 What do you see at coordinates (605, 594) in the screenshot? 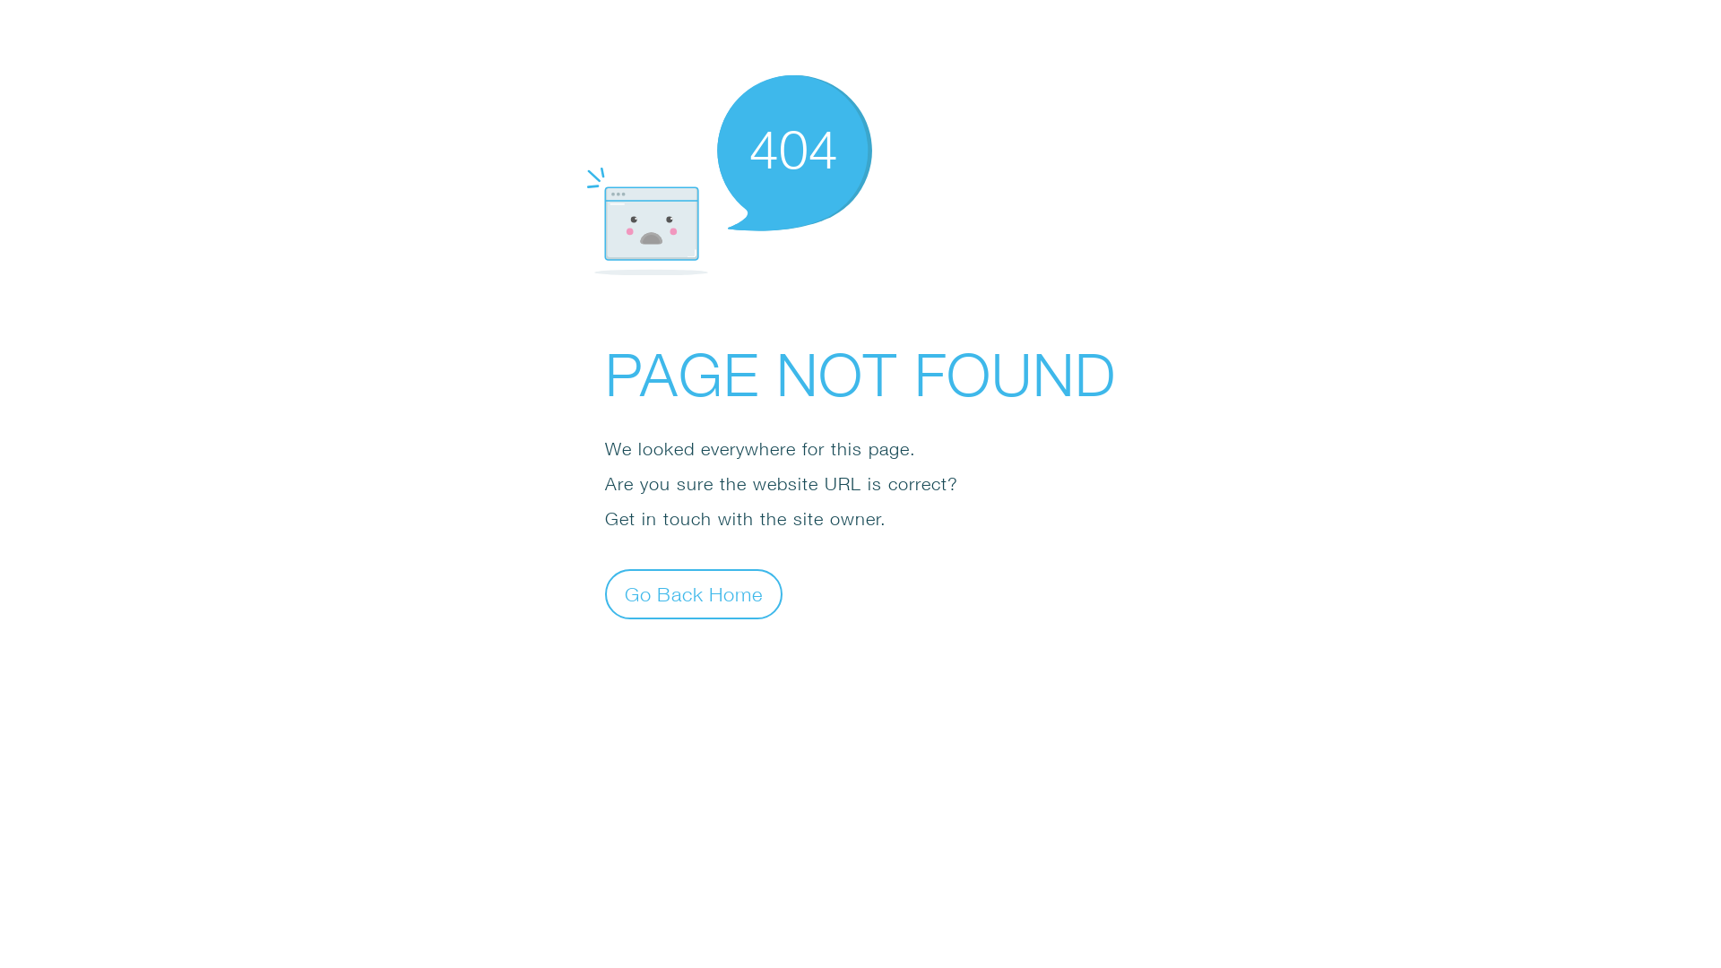
I see `'Go Back Home'` at bounding box center [605, 594].